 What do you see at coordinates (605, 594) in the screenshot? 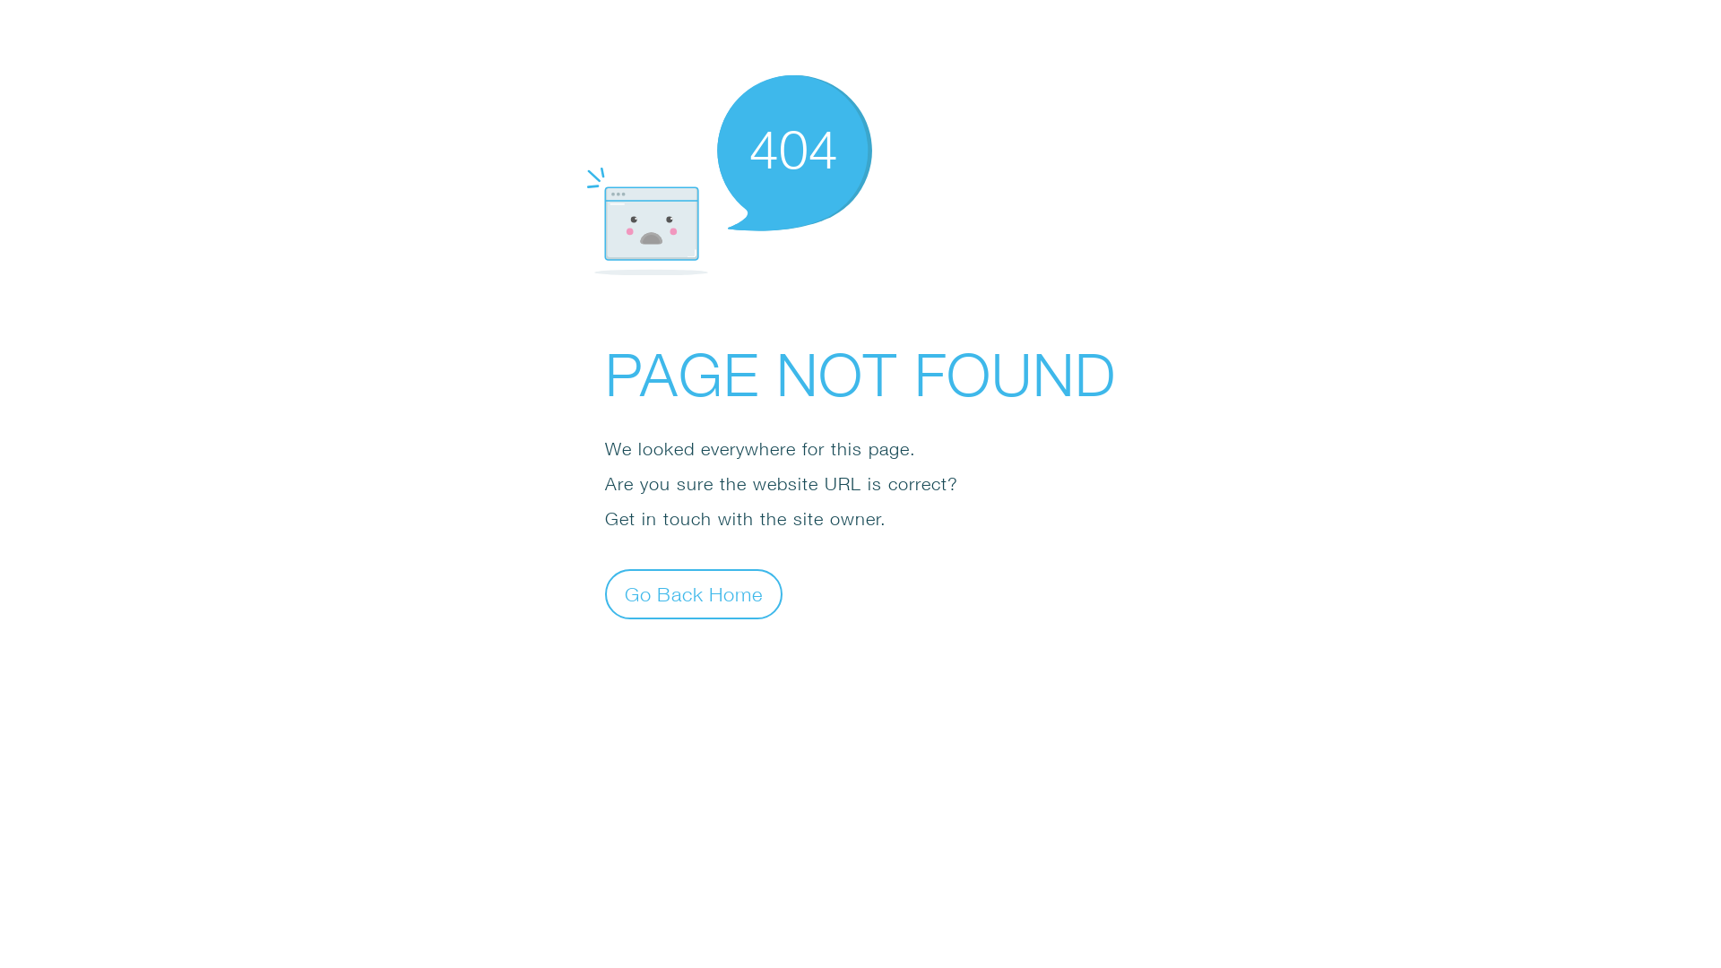
I see `'Go Back Home'` at bounding box center [605, 594].